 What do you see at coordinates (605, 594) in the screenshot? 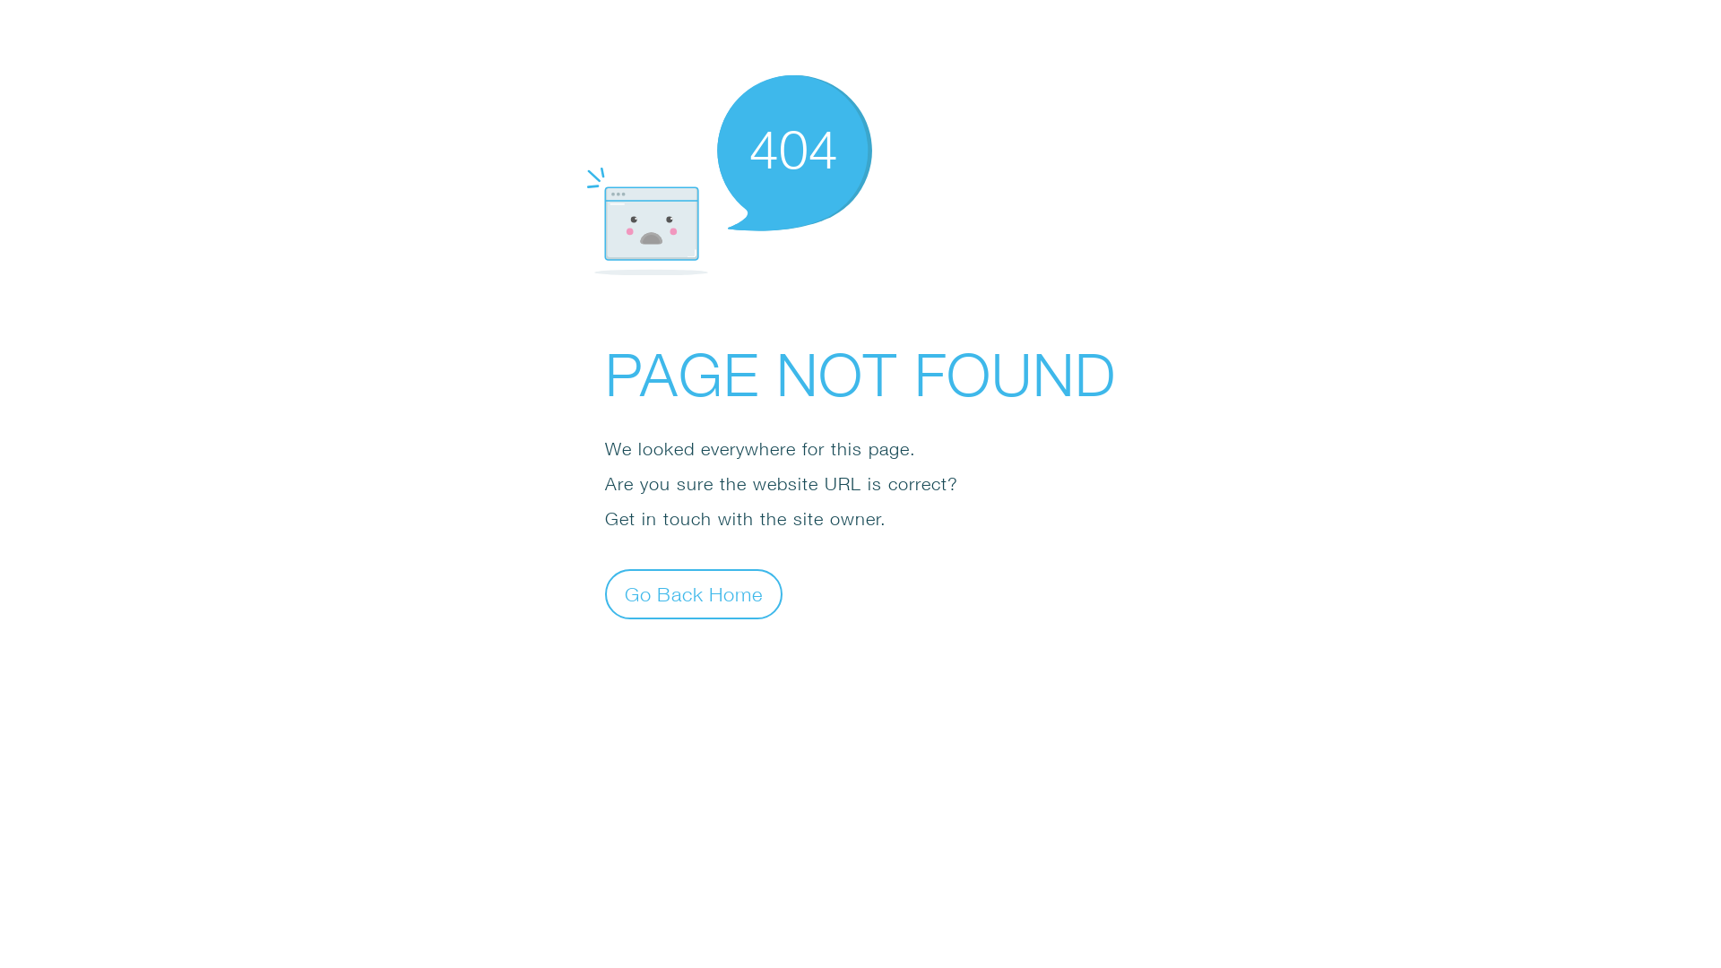
I see `'Go Back Home'` at bounding box center [605, 594].